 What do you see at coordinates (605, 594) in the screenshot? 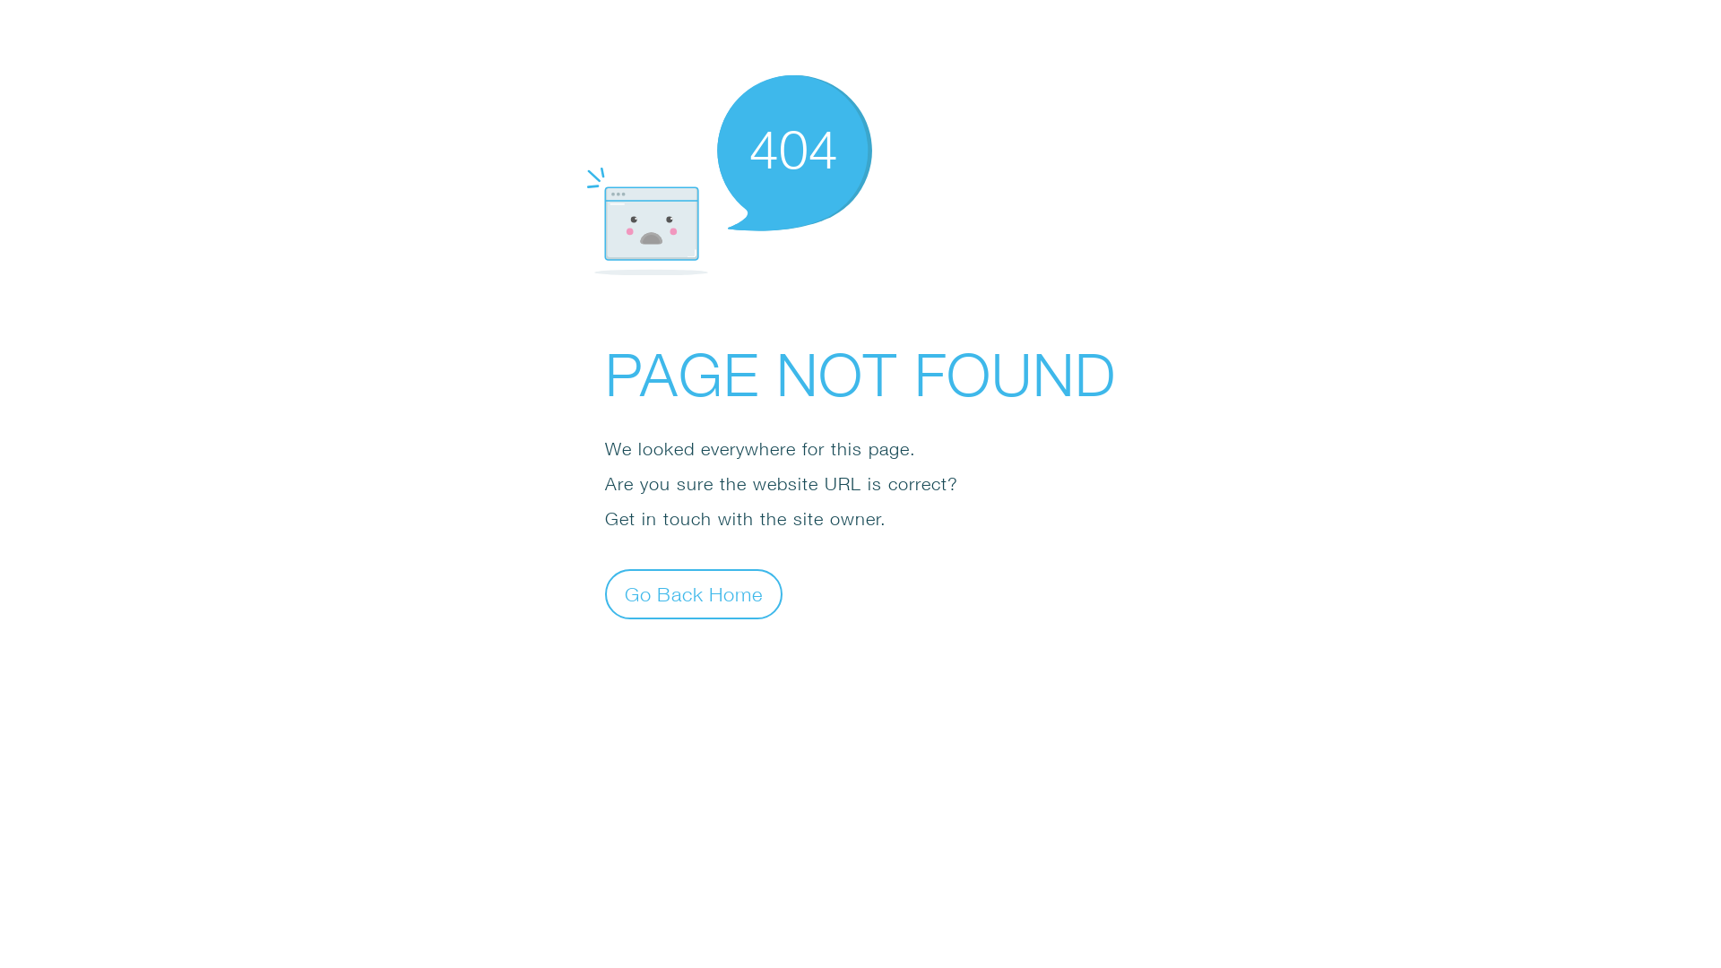
I see `'Go Back Home'` at bounding box center [605, 594].